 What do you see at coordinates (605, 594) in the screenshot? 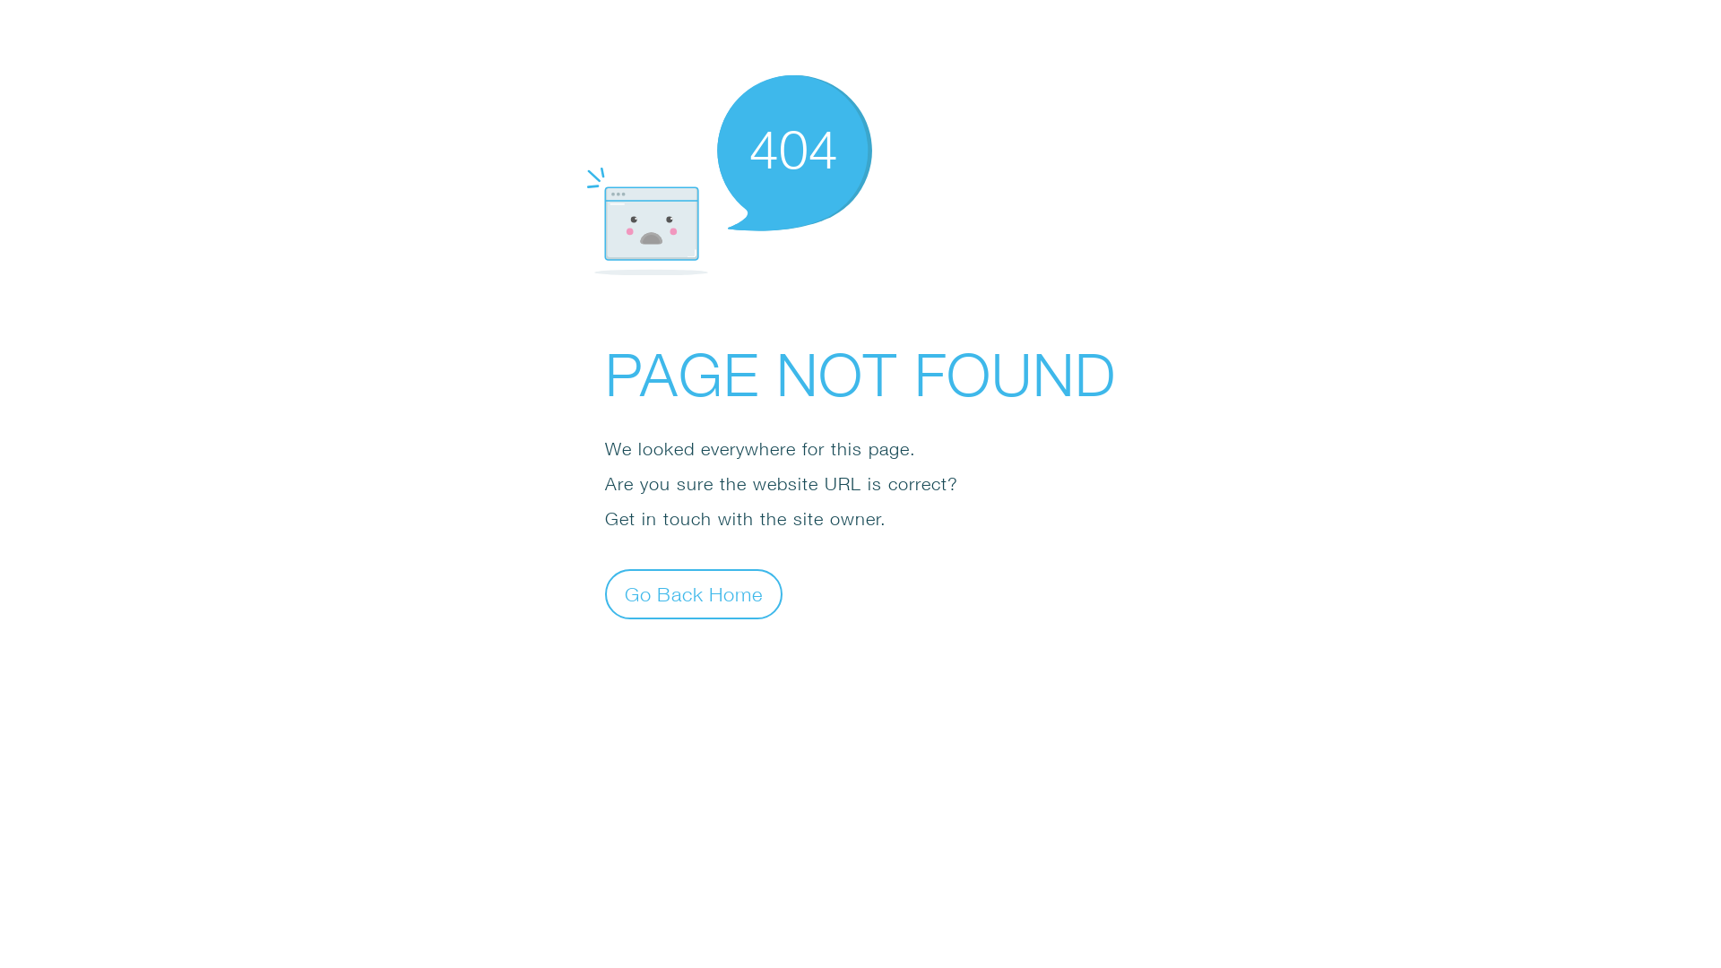
I see `'Go Back Home'` at bounding box center [605, 594].